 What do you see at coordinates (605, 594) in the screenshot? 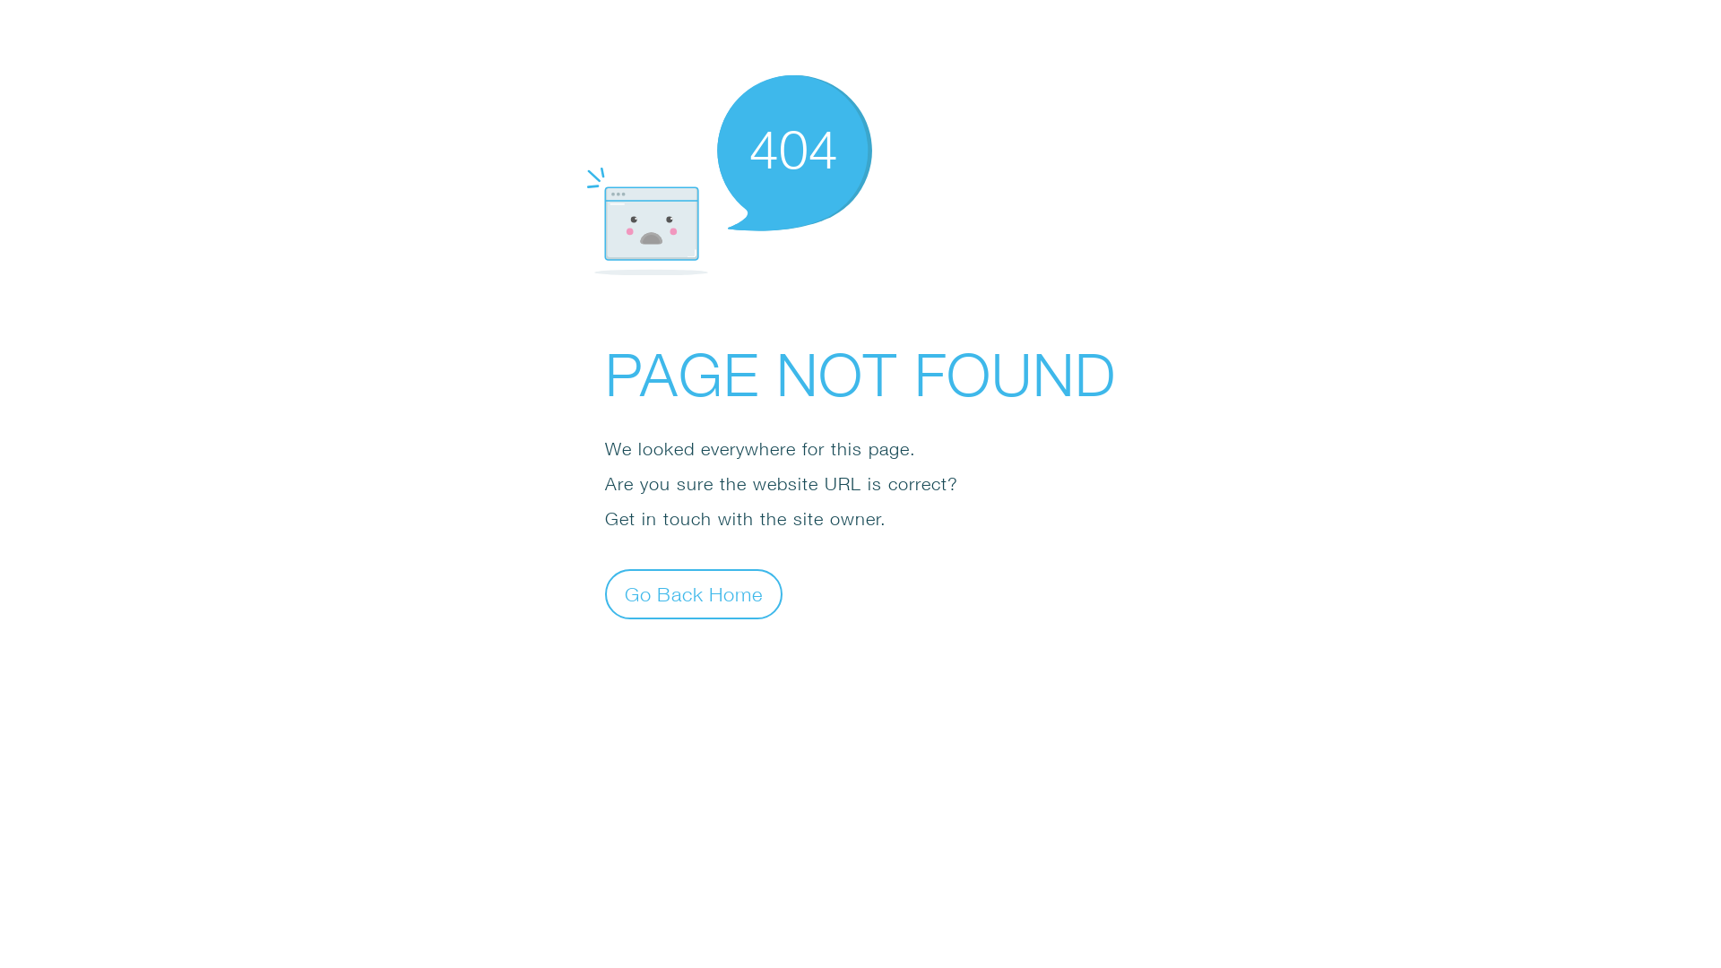
I see `'Go Back Home'` at bounding box center [605, 594].